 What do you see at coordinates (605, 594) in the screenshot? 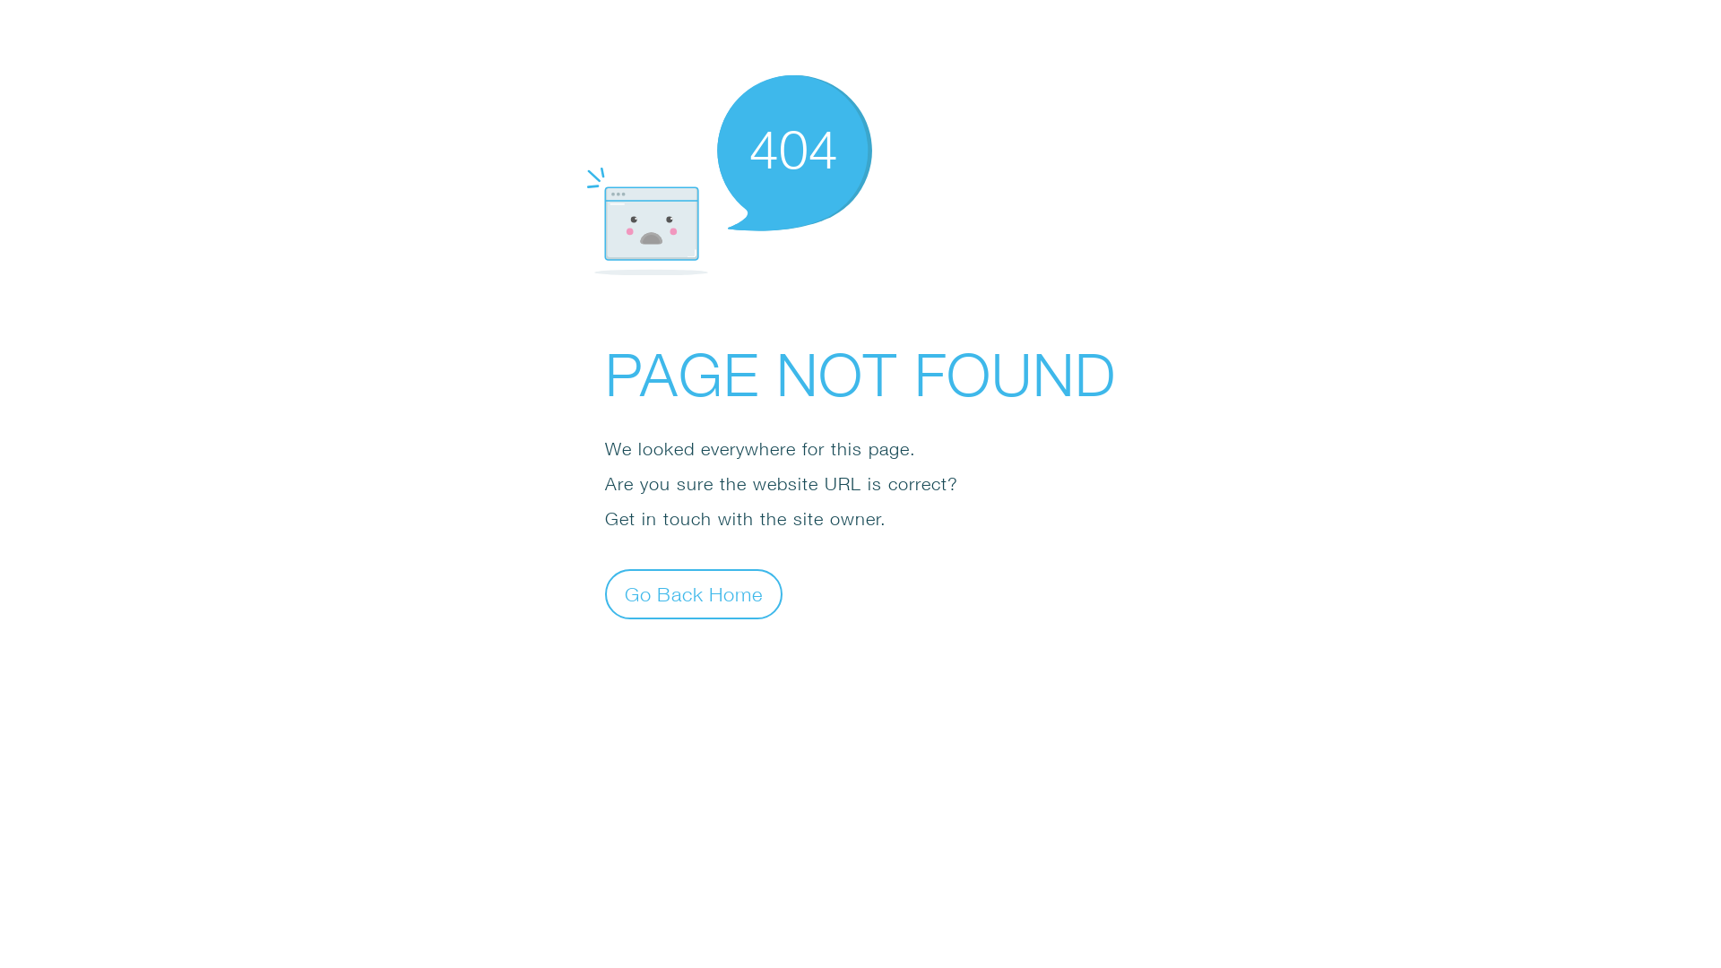
I see `'Go Back Home'` at bounding box center [605, 594].